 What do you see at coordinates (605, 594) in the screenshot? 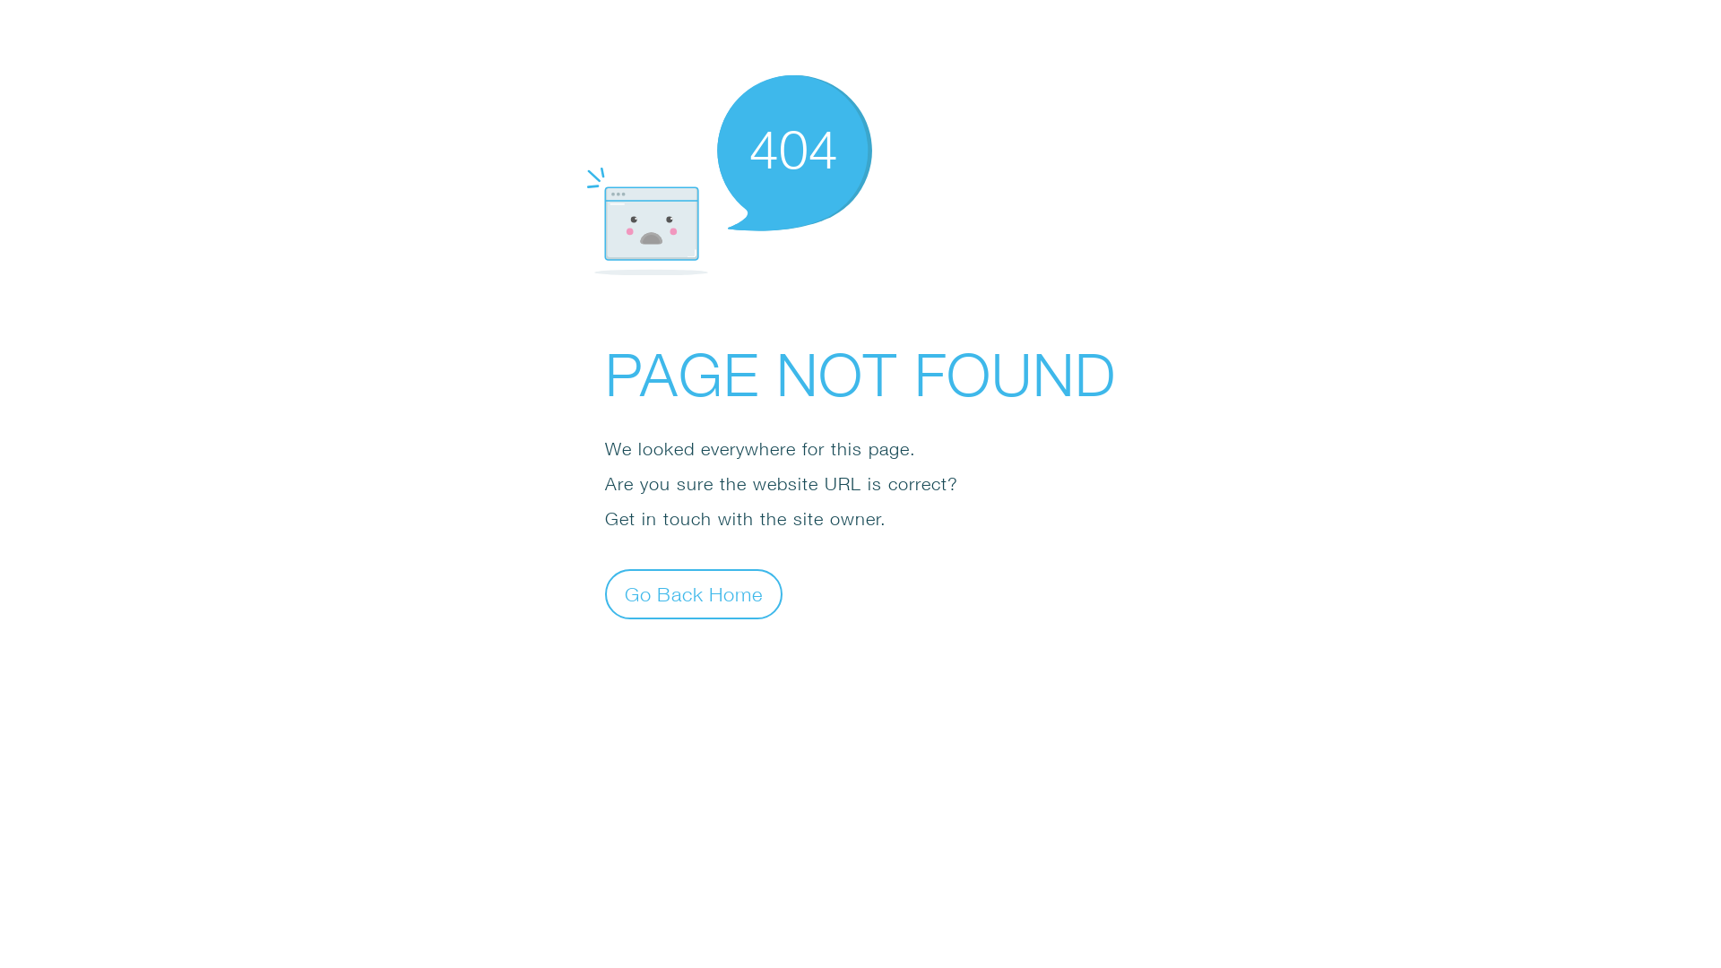
I see `'Go Back Home'` at bounding box center [605, 594].